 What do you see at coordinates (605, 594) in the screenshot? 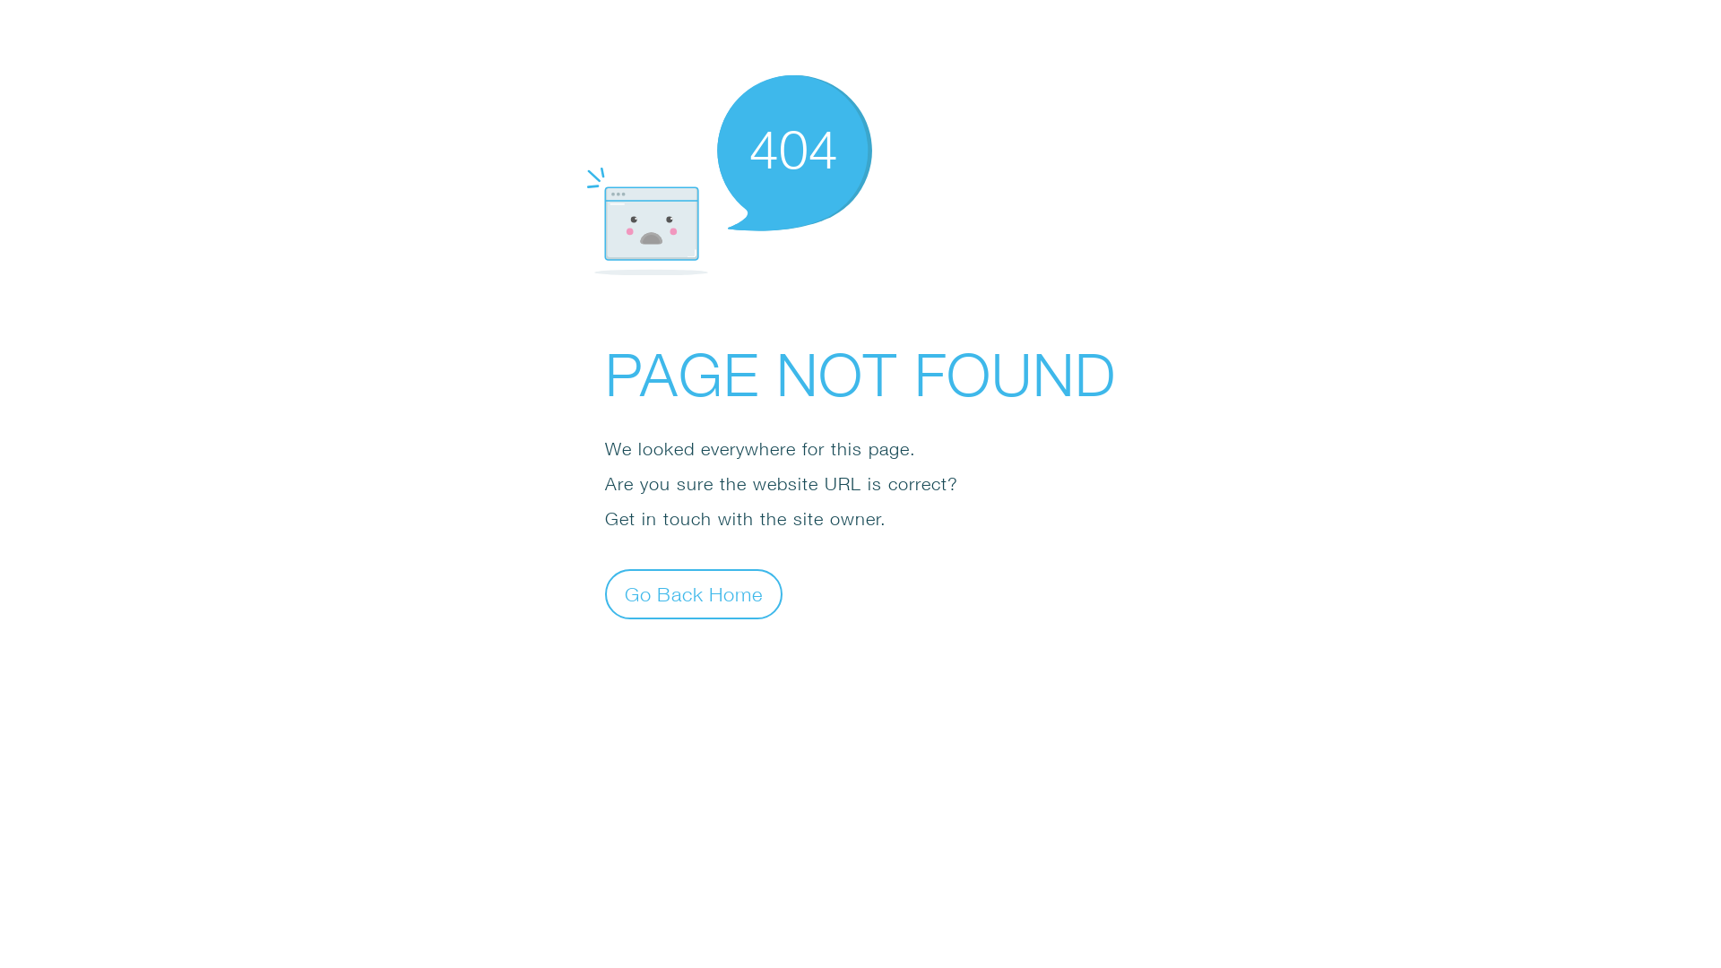
I see `'Go Back Home'` at bounding box center [605, 594].